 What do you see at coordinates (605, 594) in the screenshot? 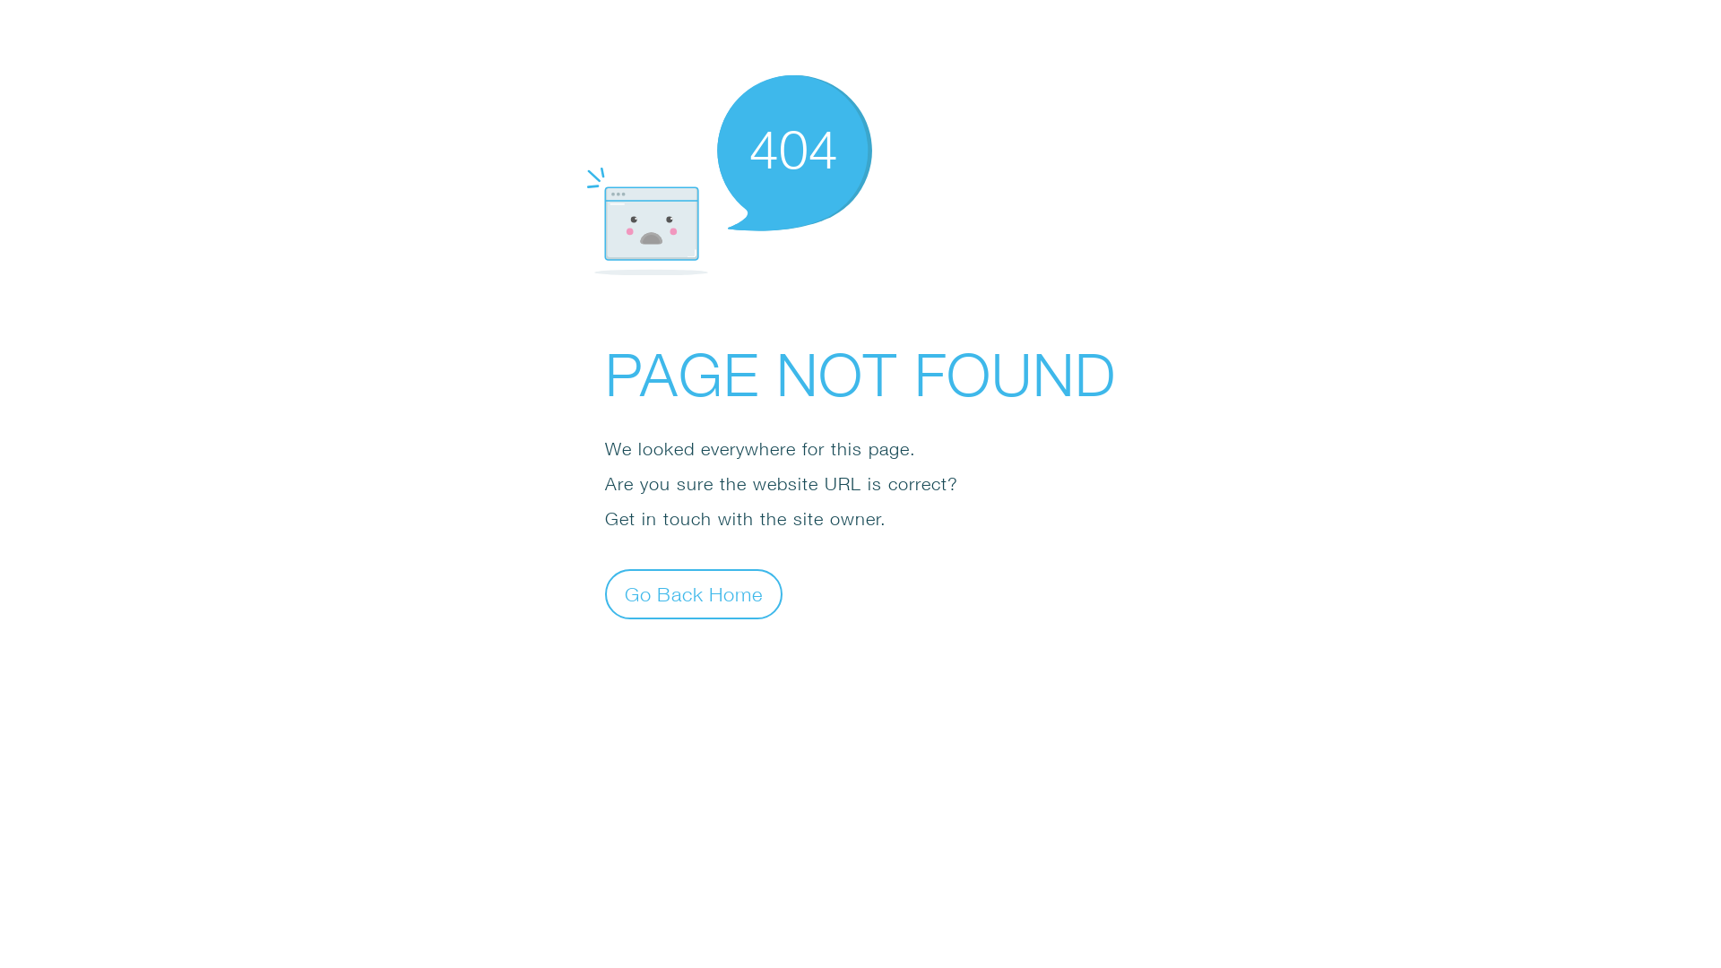
I see `'Go Back Home'` at bounding box center [605, 594].